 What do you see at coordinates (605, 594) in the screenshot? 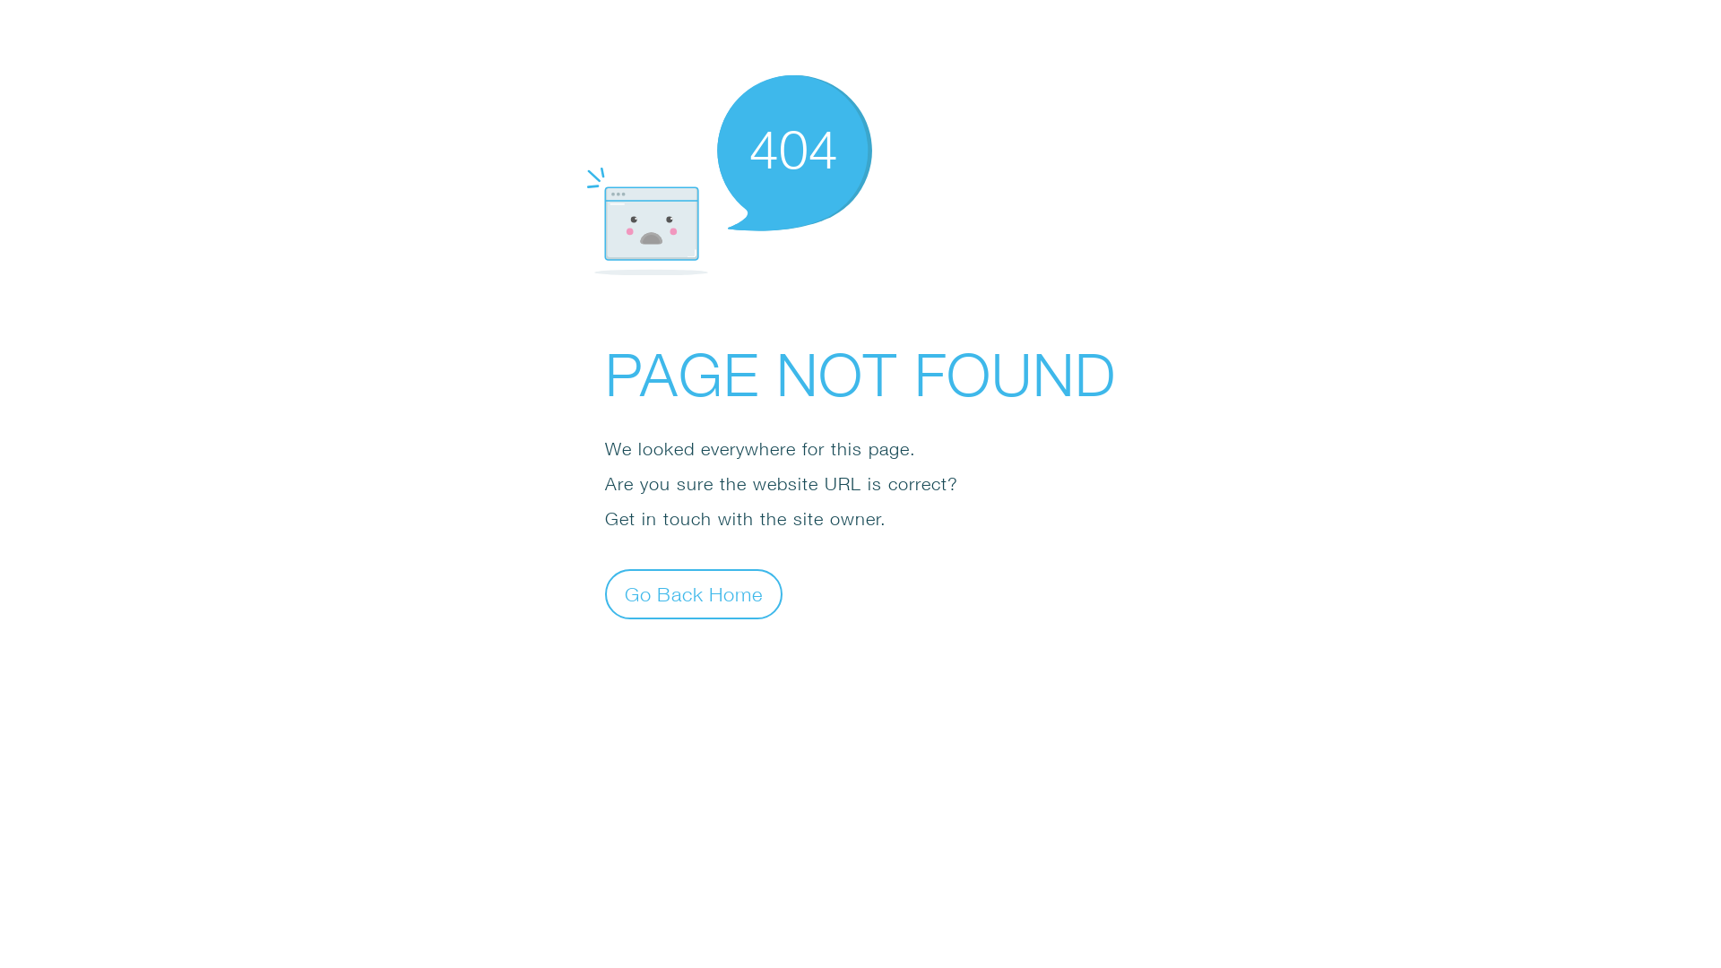
I see `'Go Back Home'` at bounding box center [605, 594].